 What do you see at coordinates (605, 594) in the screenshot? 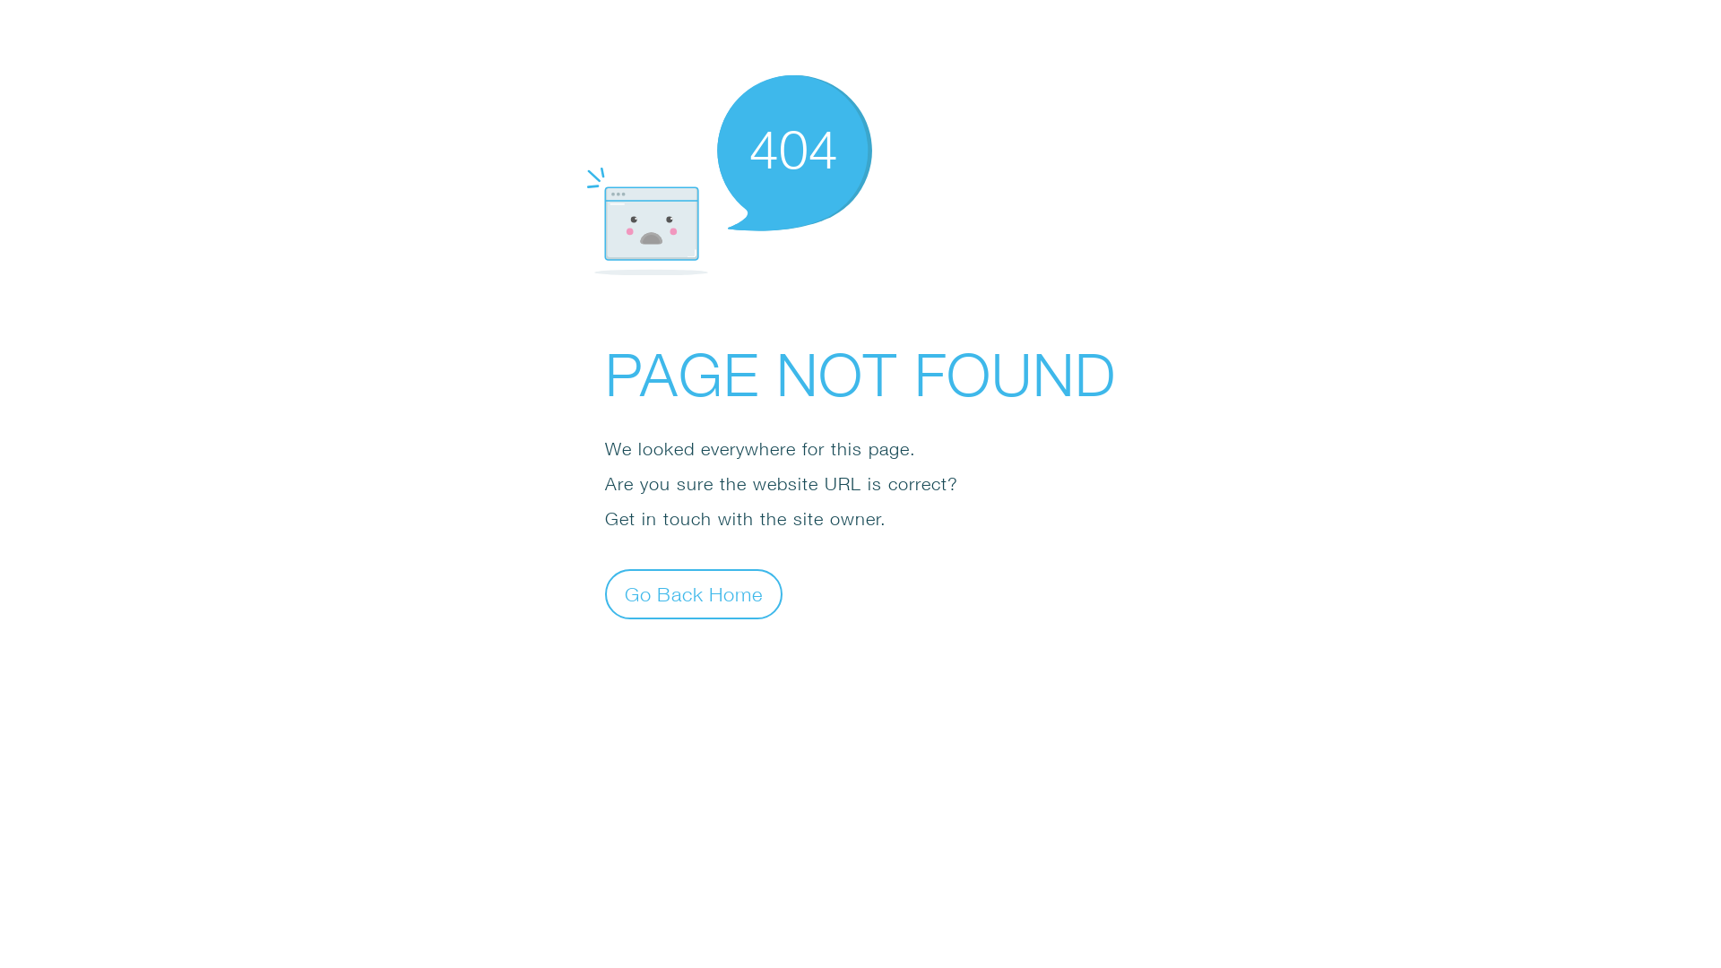
I see `'Go Back Home'` at bounding box center [605, 594].